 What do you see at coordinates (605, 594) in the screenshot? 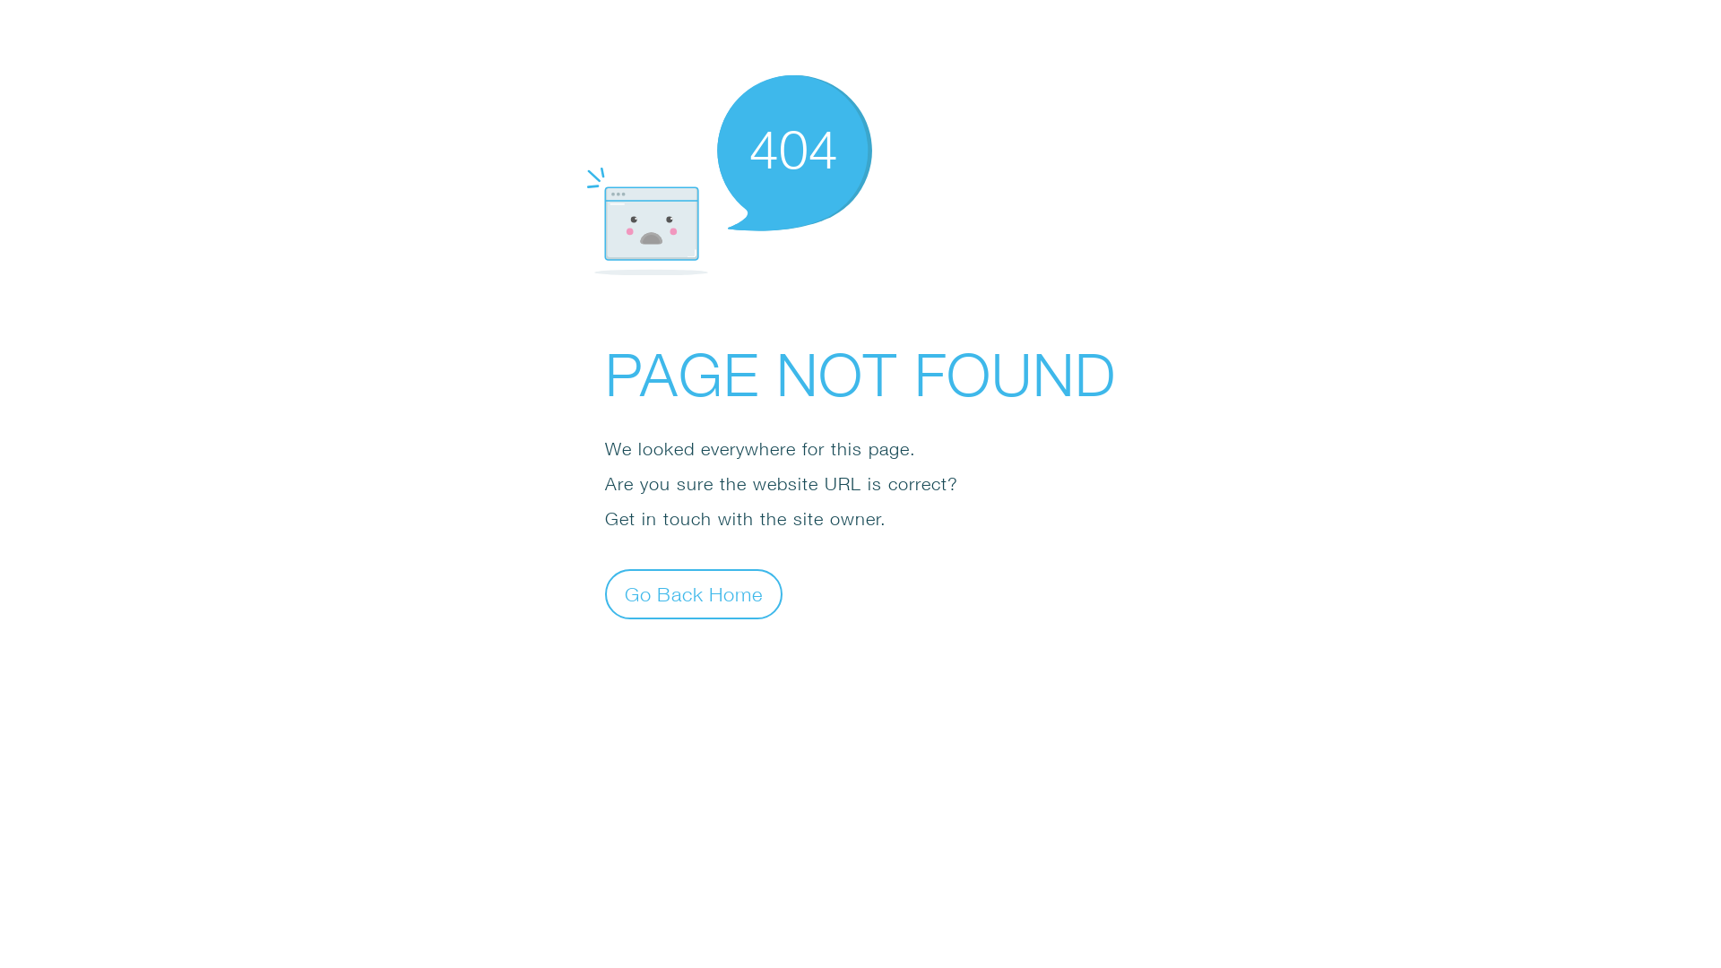
I see `'Go Back Home'` at bounding box center [605, 594].